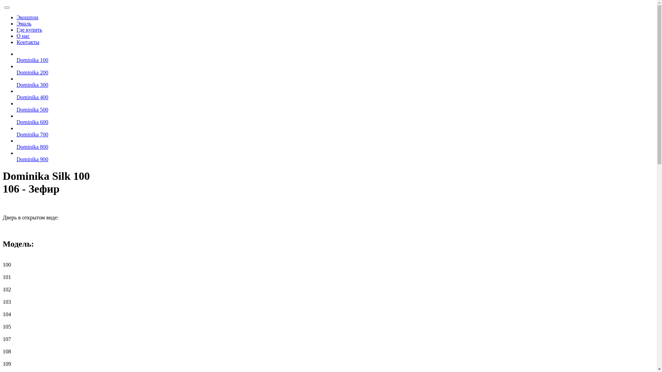  I want to click on 'Dominika 500', so click(32, 109).